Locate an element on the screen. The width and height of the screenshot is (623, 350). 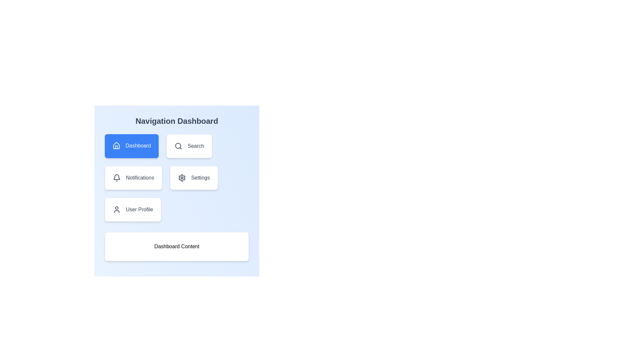
the 'Settings' text label, which is displayed in a medium-weight font within a rectangular button located in the bottom-right section of the main navigation area is located at coordinates (200, 178).